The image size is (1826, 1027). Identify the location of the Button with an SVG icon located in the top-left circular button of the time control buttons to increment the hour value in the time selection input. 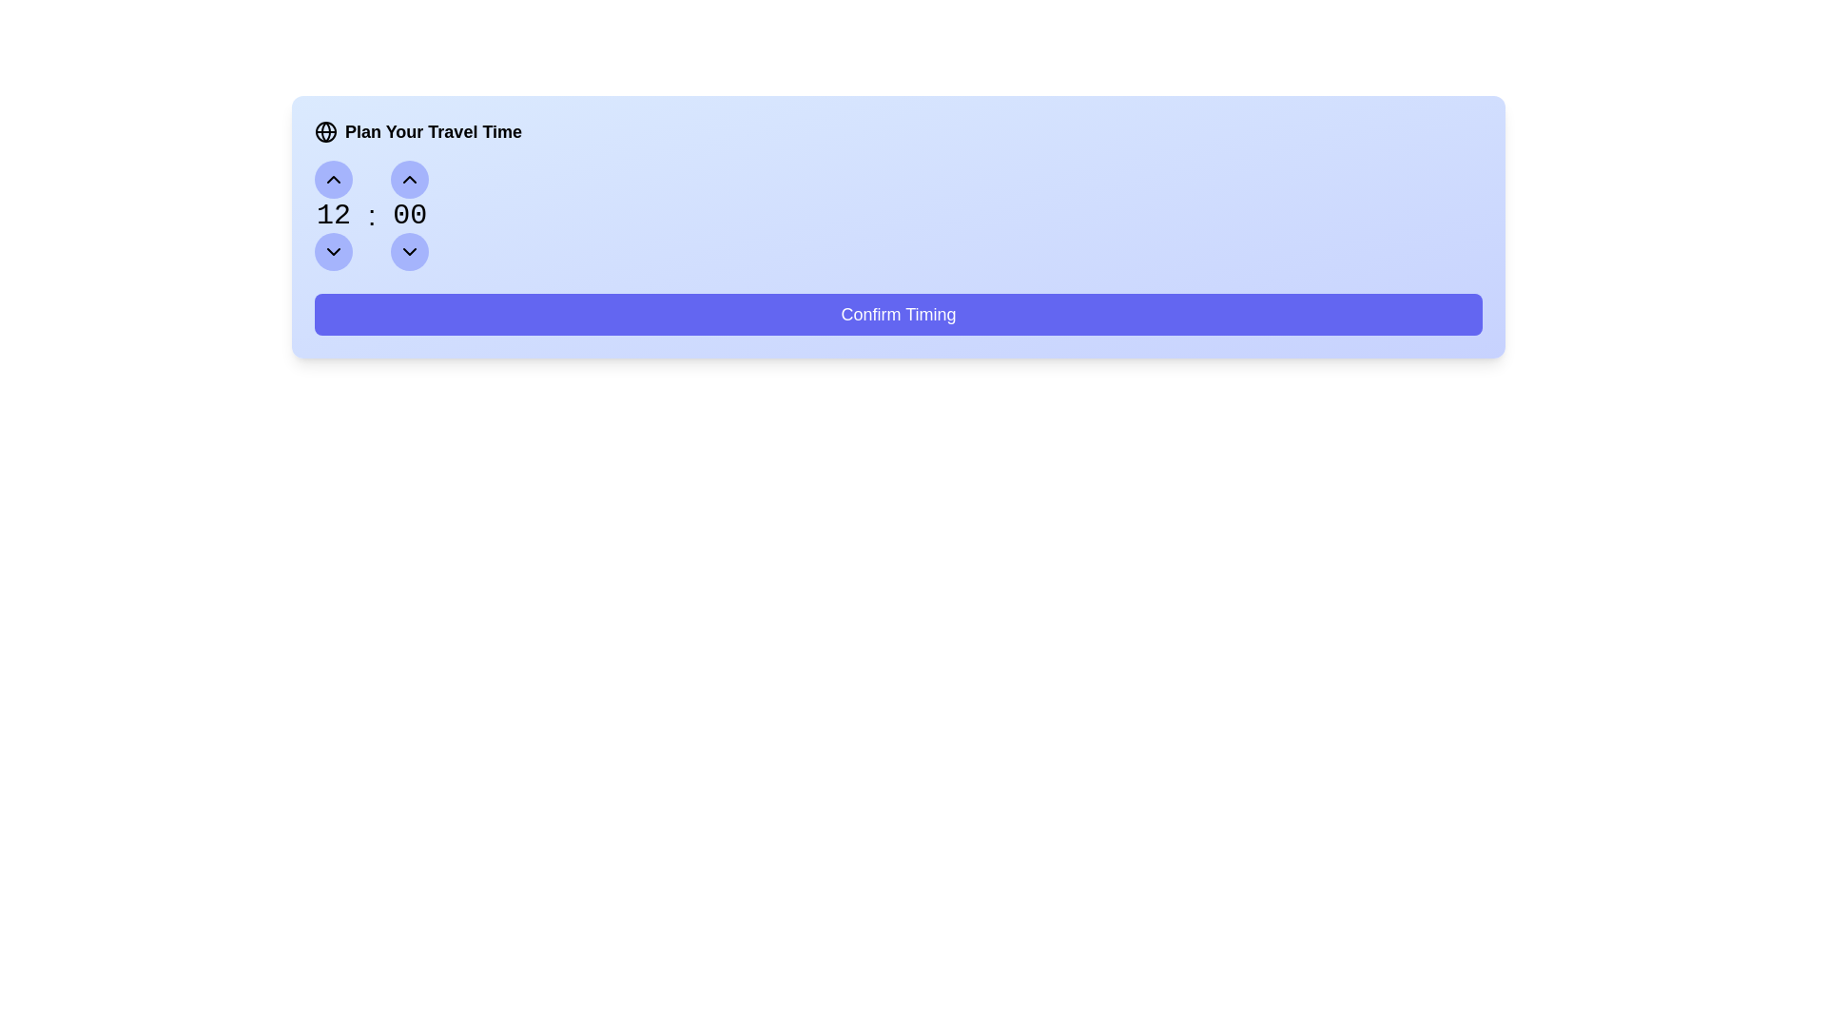
(333, 180).